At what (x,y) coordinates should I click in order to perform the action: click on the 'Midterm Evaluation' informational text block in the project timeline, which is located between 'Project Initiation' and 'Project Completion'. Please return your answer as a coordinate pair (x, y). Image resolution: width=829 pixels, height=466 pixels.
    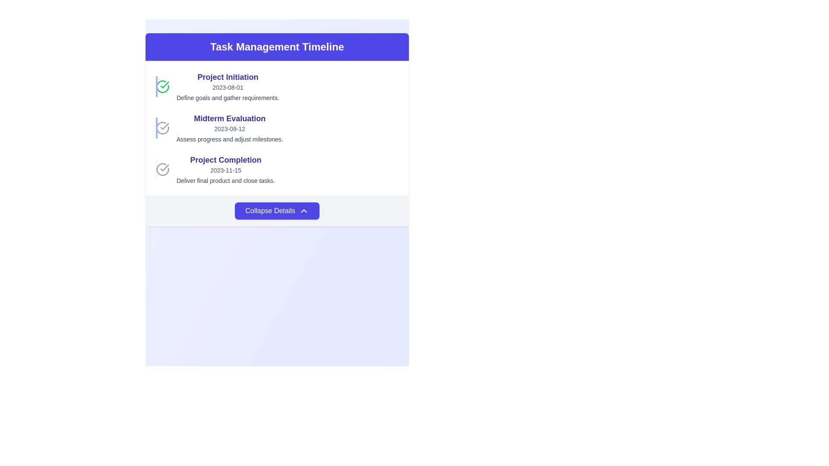
    Looking at the image, I should click on (230, 128).